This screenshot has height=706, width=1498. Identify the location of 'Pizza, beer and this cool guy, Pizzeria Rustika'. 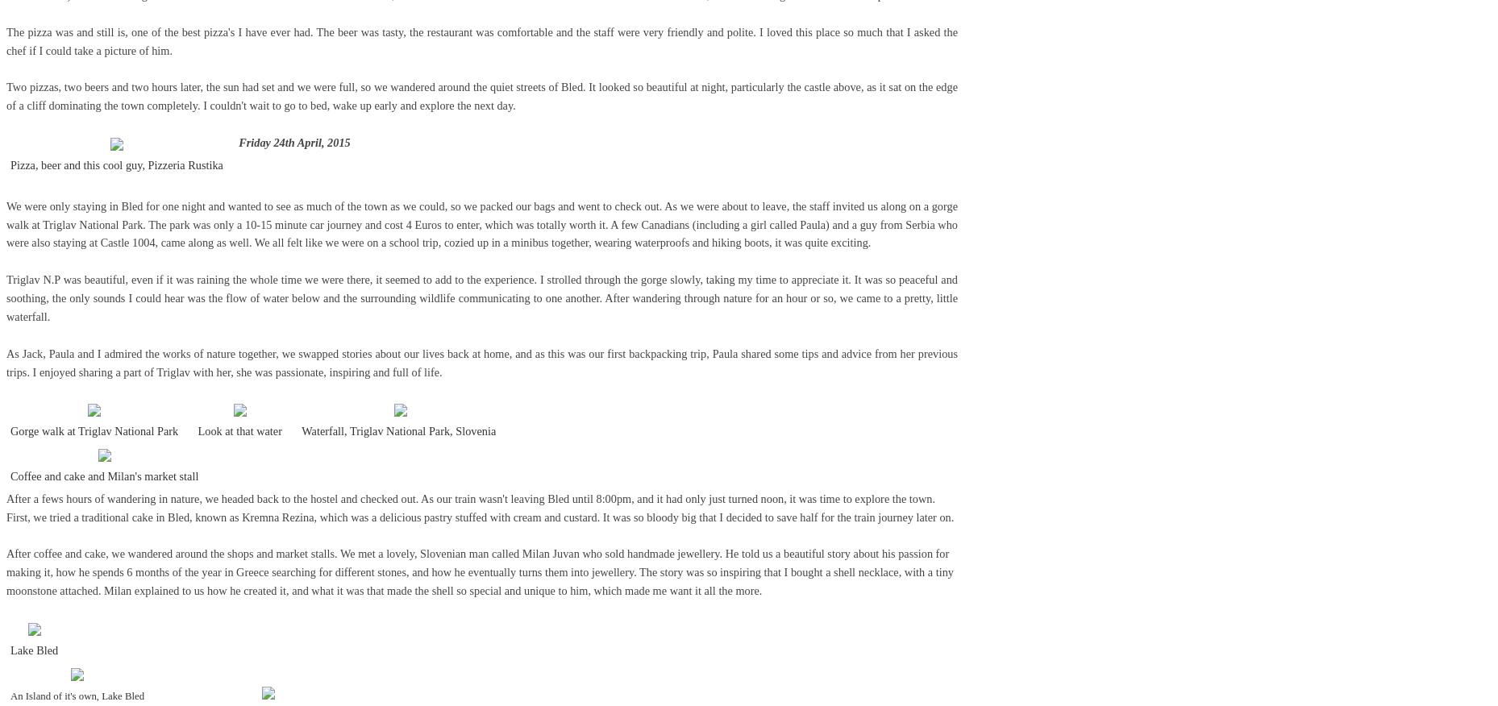
(116, 164).